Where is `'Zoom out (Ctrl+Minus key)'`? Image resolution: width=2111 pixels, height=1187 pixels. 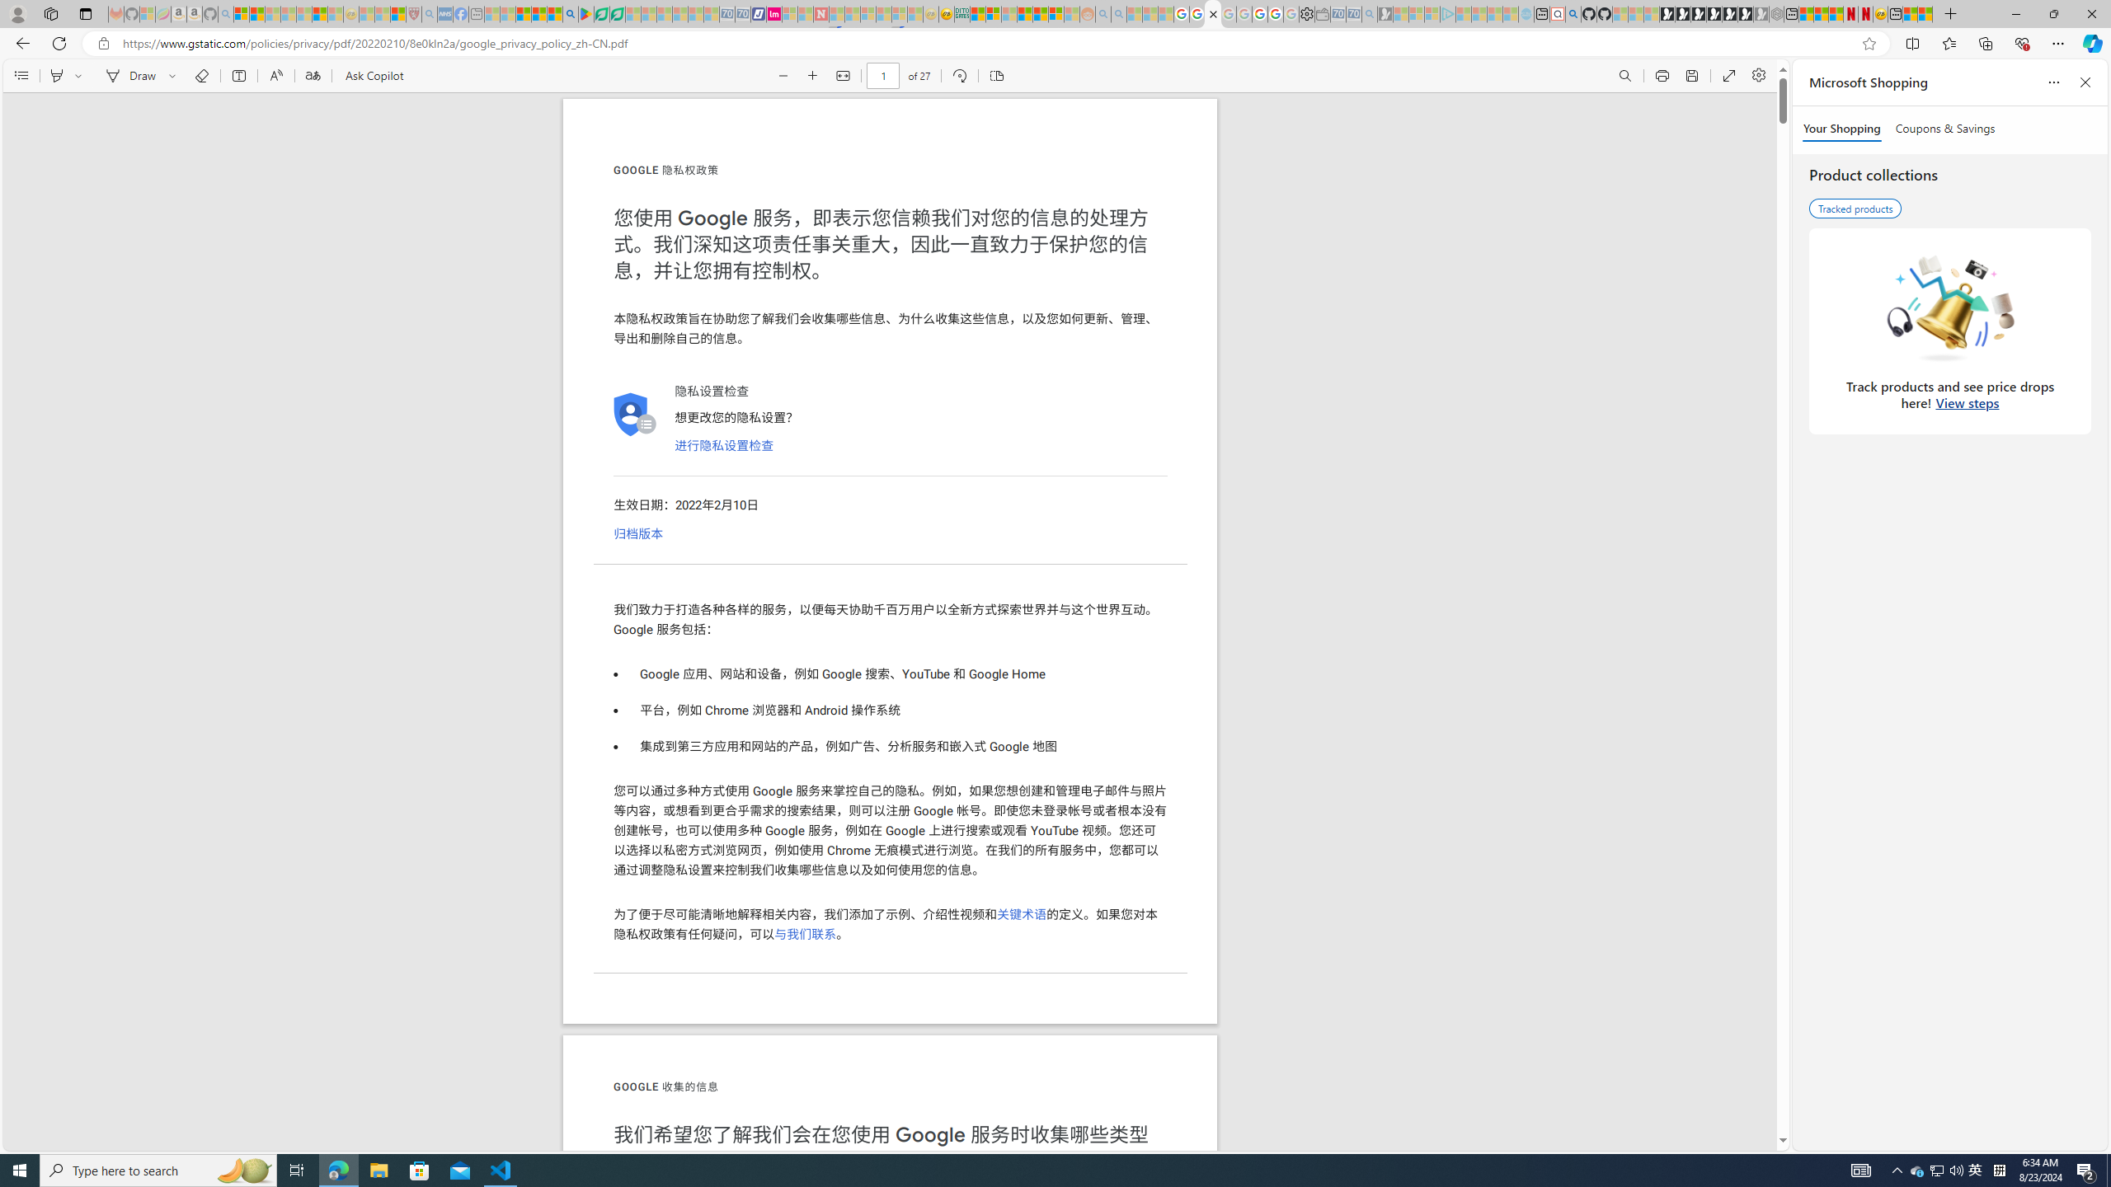 'Zoom out (Ctrl+Minus key)' is located at coordinates (783, 75).